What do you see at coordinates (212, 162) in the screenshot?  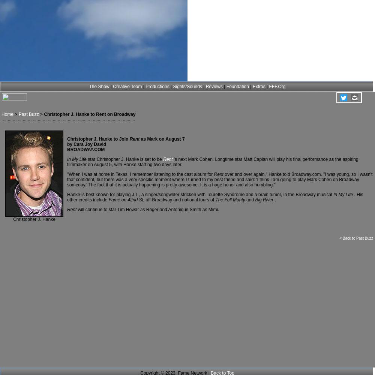 I see `''s next Mark Cohen. Longtime star Matt Caplan will play his final performance as the aspiring filmmaker on August 5, with Hanke starting two days later.'` at bounding box center [212, 162].